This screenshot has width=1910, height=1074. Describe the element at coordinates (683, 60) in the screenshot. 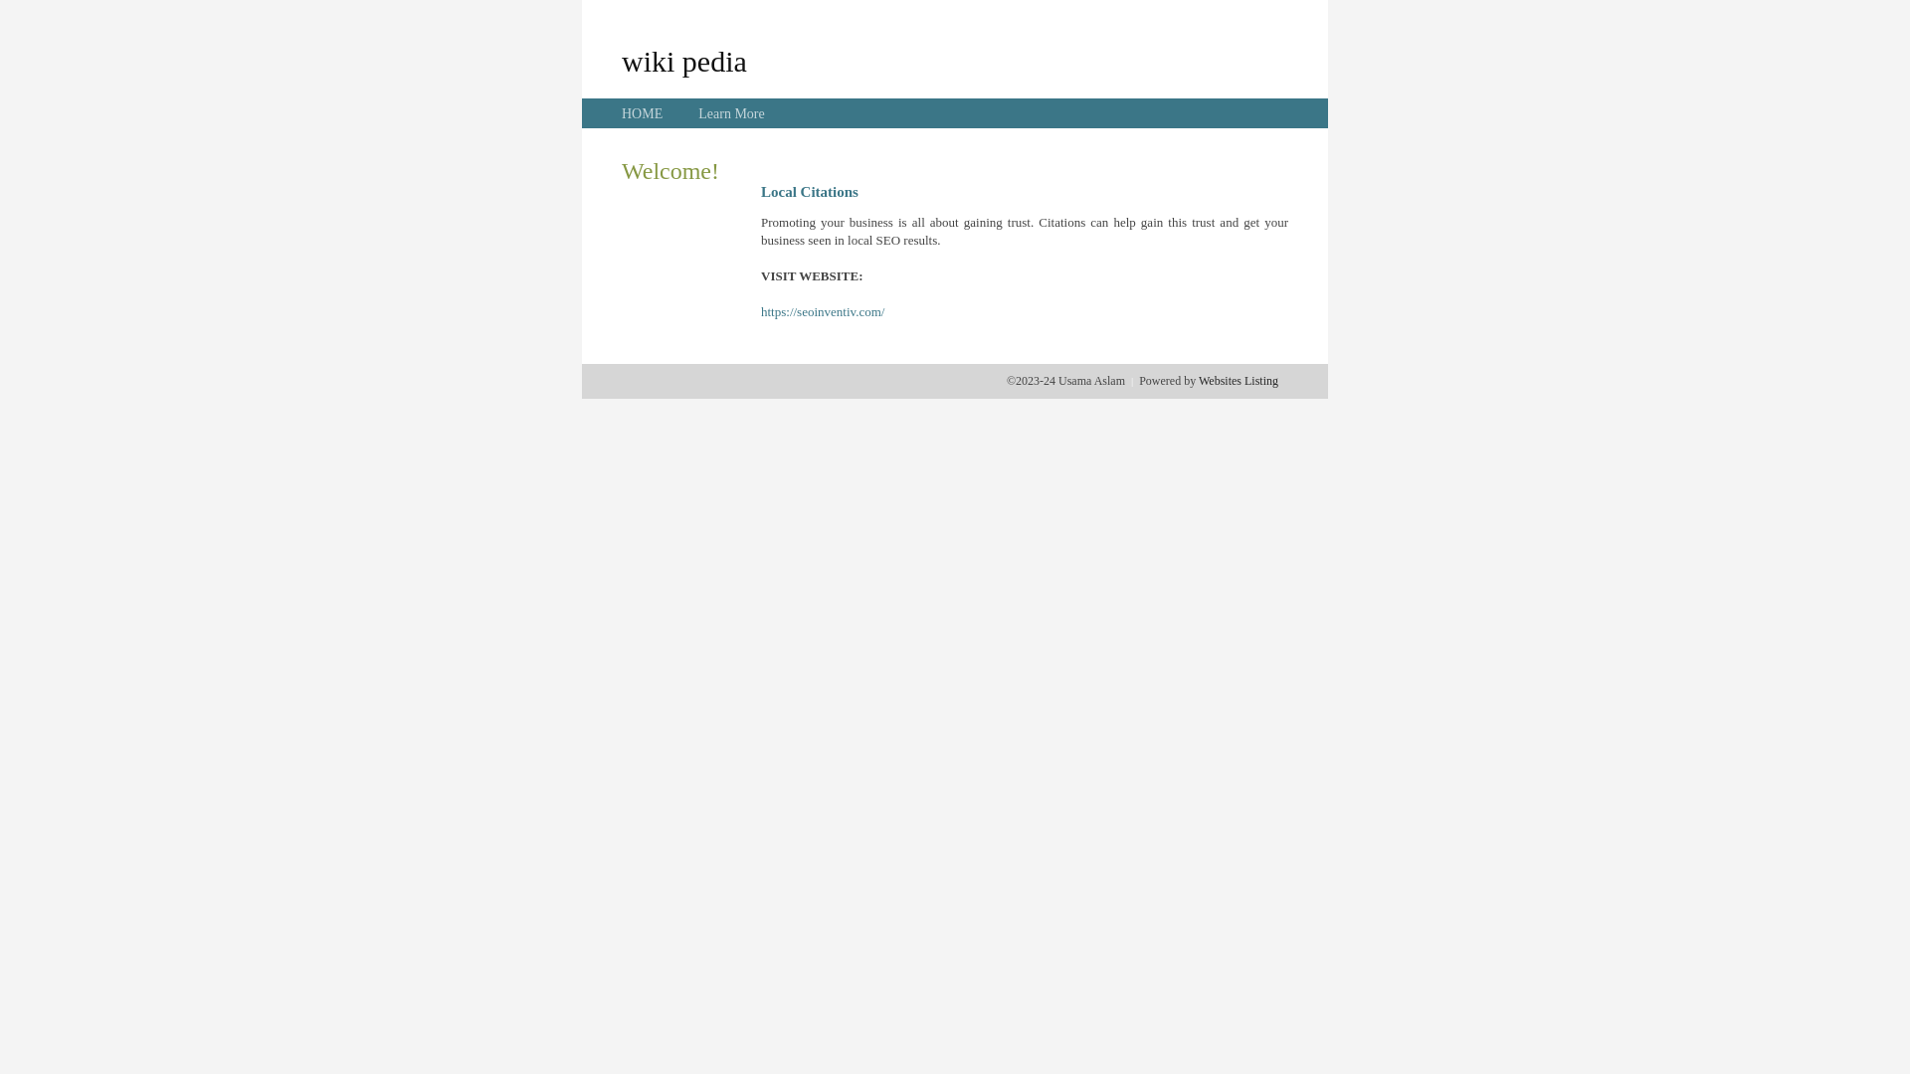

I see `'wiki pedia'` at that location.